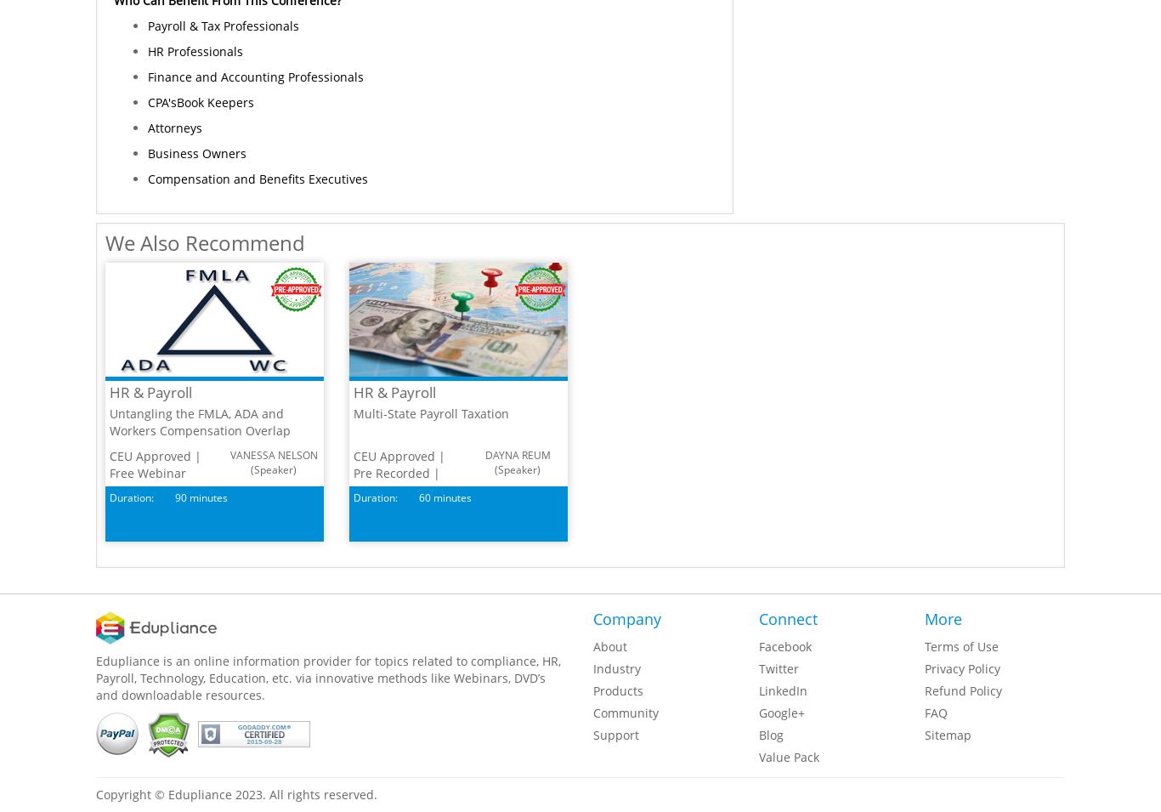  I want to click on 'Twitter', so click(779, 667).